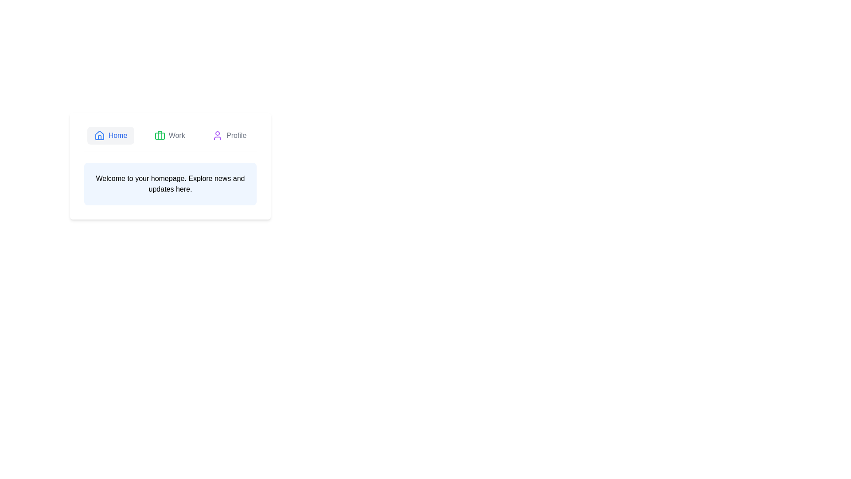 Image resolution: width=851 pixels, height=479 pixels. Describe the element at coordinates (170, 135) in the screenshot. I see `the Work tab to view its content` at that location.